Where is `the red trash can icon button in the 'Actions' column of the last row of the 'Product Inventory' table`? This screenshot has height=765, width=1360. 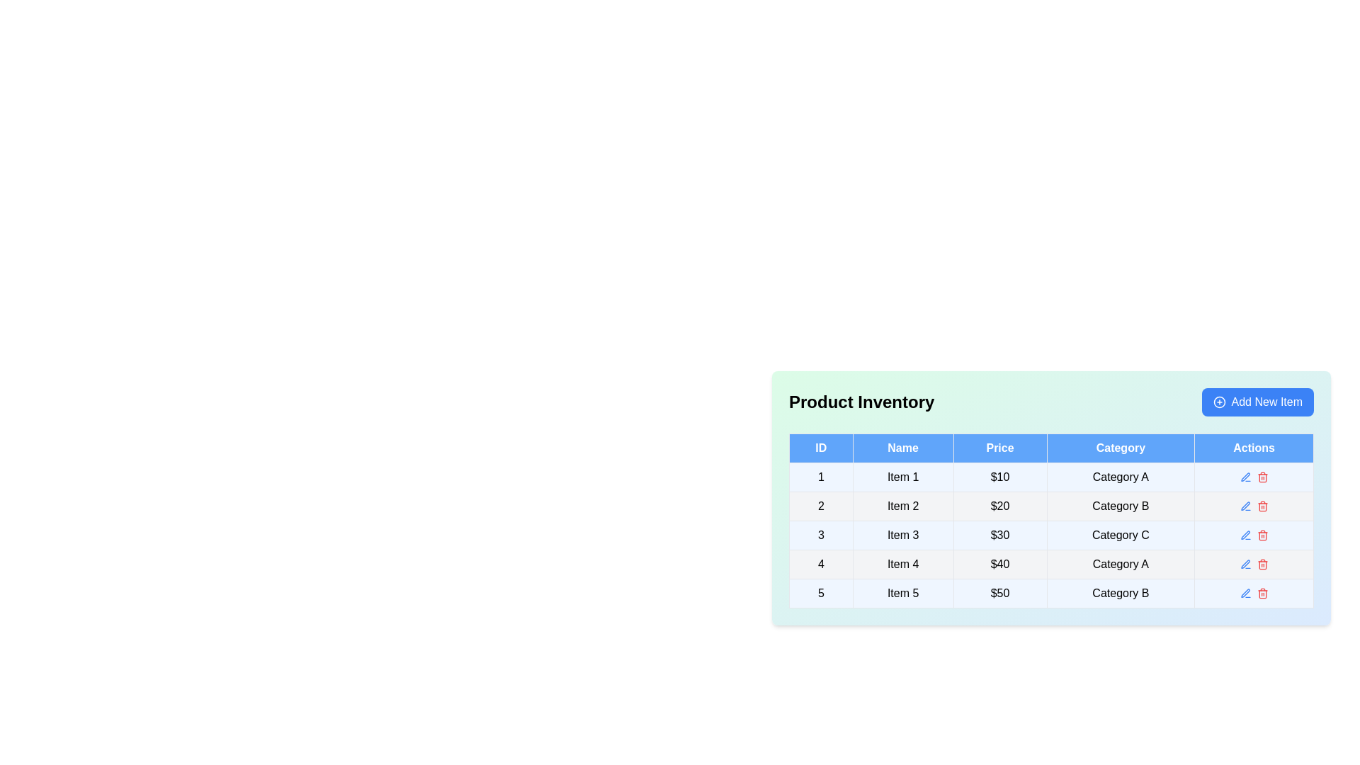
the red trash can icon button in the 'Actions' column of the last row of the 'Product Inventory' table is located at coordinates (1262, 593).